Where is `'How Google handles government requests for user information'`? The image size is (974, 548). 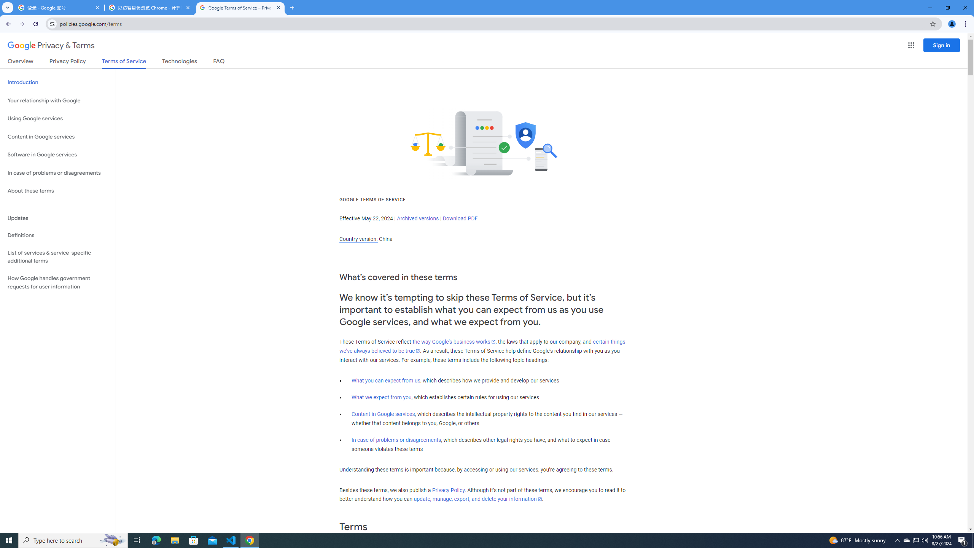 'How Google handles government requests for user information' is located at coordinates (57, 282).